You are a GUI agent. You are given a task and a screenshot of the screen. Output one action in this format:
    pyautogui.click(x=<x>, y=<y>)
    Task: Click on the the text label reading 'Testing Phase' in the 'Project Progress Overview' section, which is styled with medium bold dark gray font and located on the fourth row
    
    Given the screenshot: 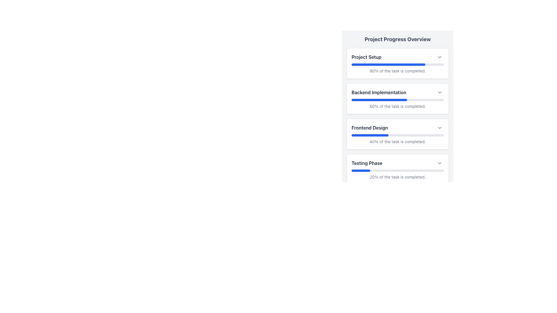 What is the action you would take?
    pyautogui.click(x=366, y=163)
    